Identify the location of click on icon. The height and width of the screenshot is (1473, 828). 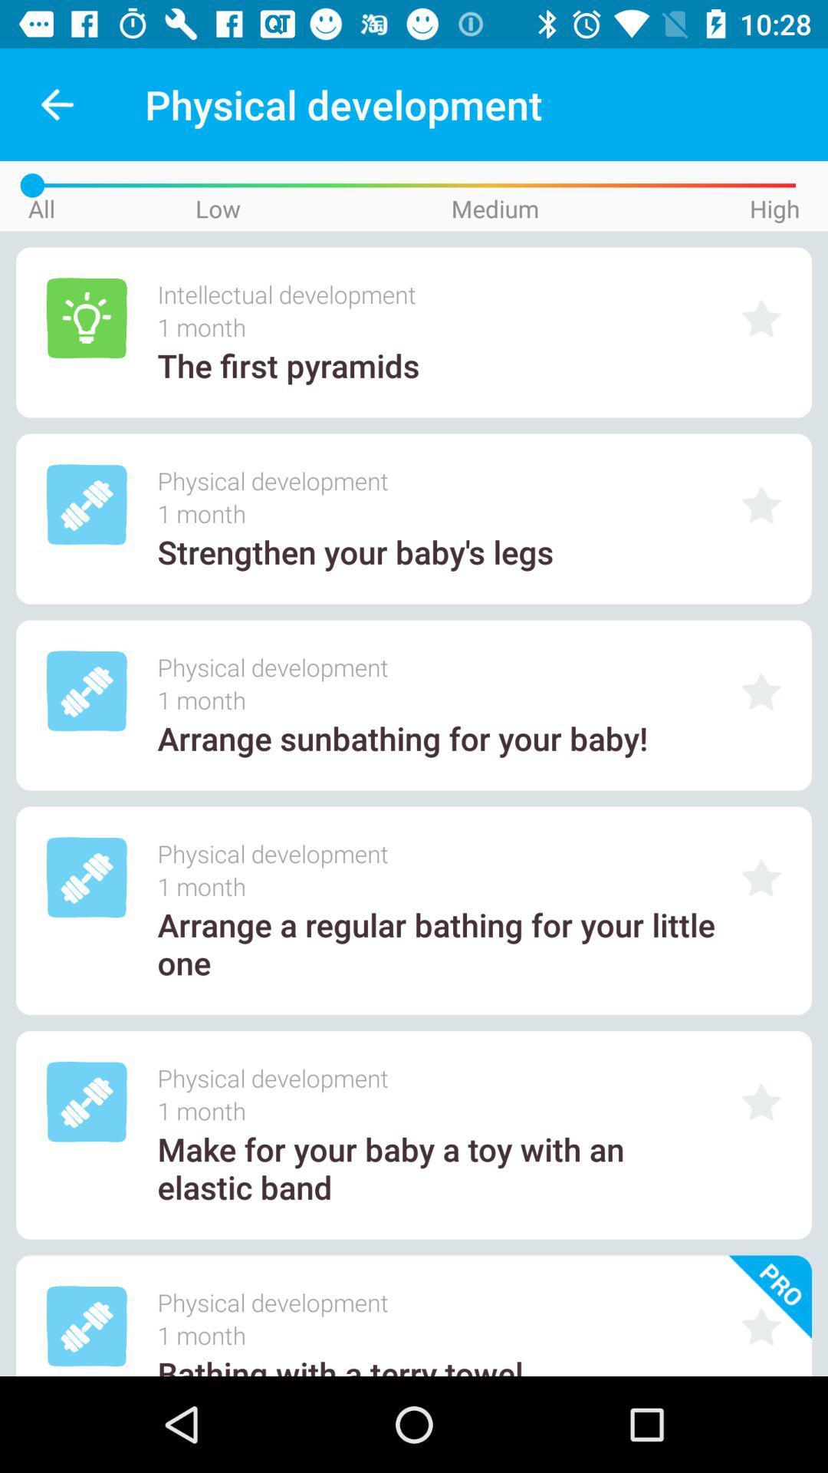
(761, 1326).